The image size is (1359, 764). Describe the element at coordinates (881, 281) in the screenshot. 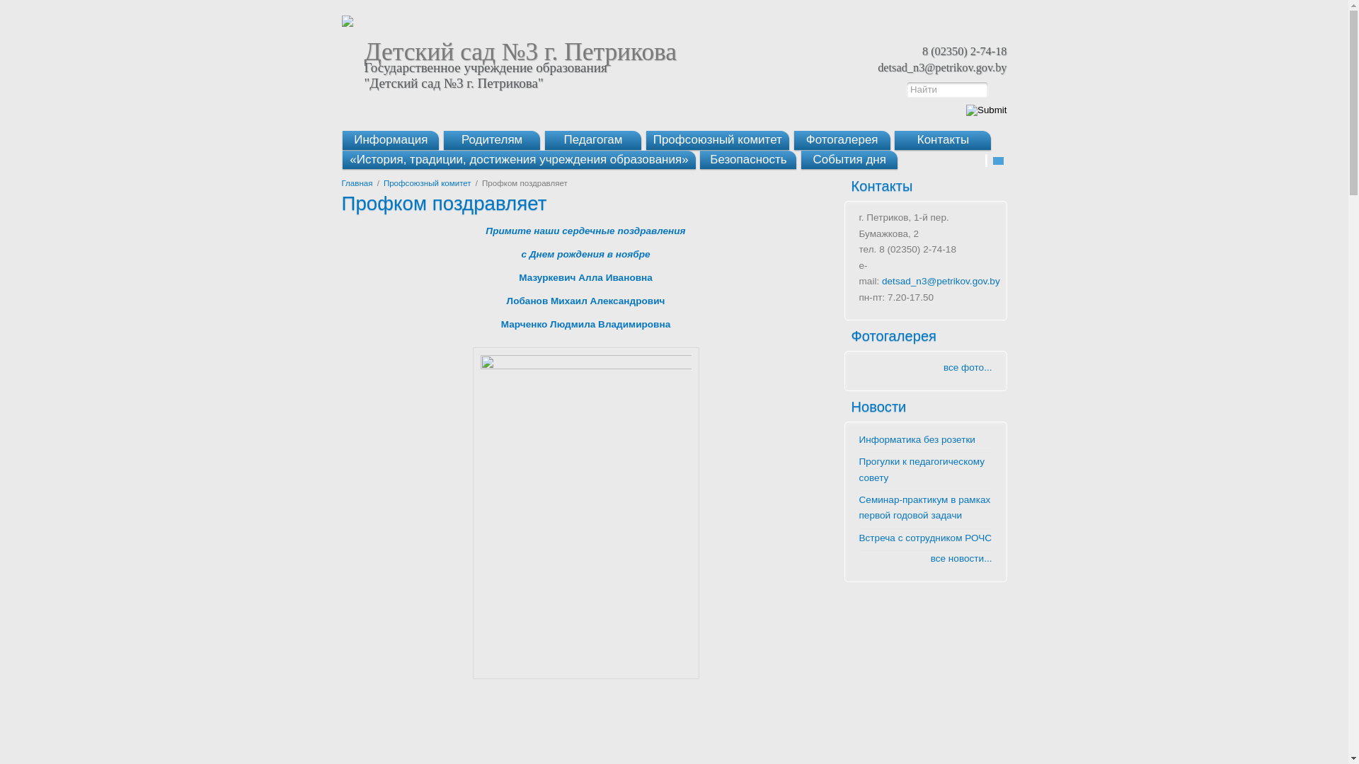

I see `'detsad_n3@petrikov.gov.by'` at that location.